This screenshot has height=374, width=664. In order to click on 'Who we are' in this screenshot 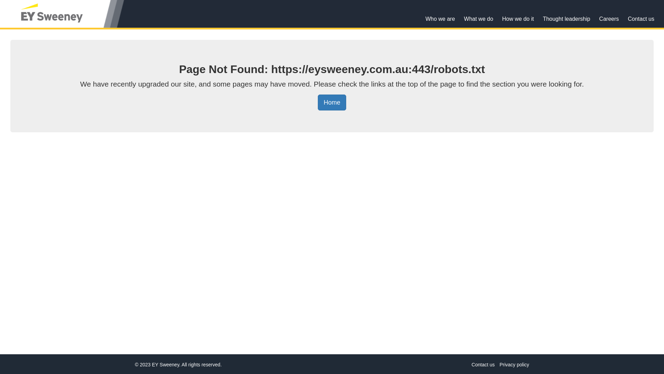, I will do `click(440, 18)`.